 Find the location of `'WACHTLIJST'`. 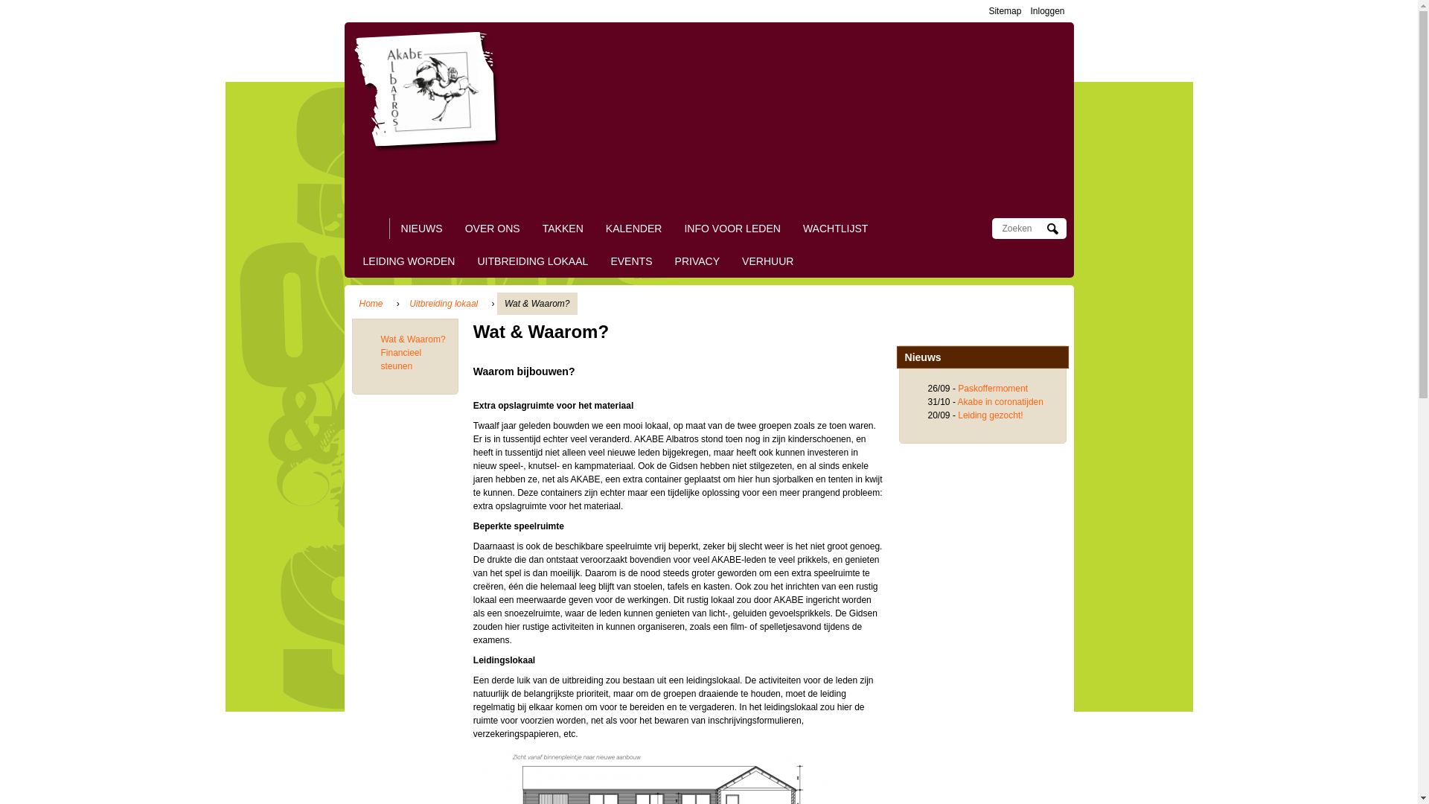

'WACHTLIJST' is located at coordinates (836, 229).